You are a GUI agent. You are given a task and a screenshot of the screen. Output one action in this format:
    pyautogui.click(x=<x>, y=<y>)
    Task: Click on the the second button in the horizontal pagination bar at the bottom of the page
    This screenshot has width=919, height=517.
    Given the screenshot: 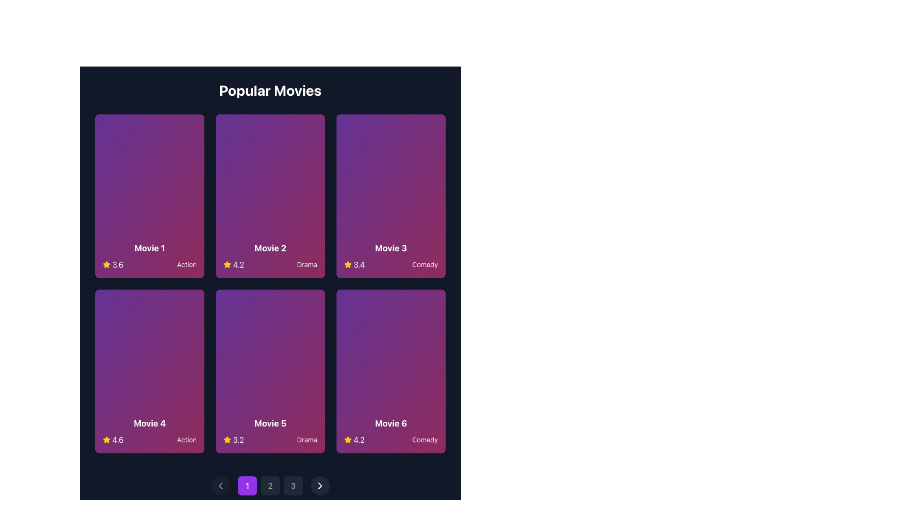 What is the action you would take?
    pyautogui.click(x=270, y=485)
    